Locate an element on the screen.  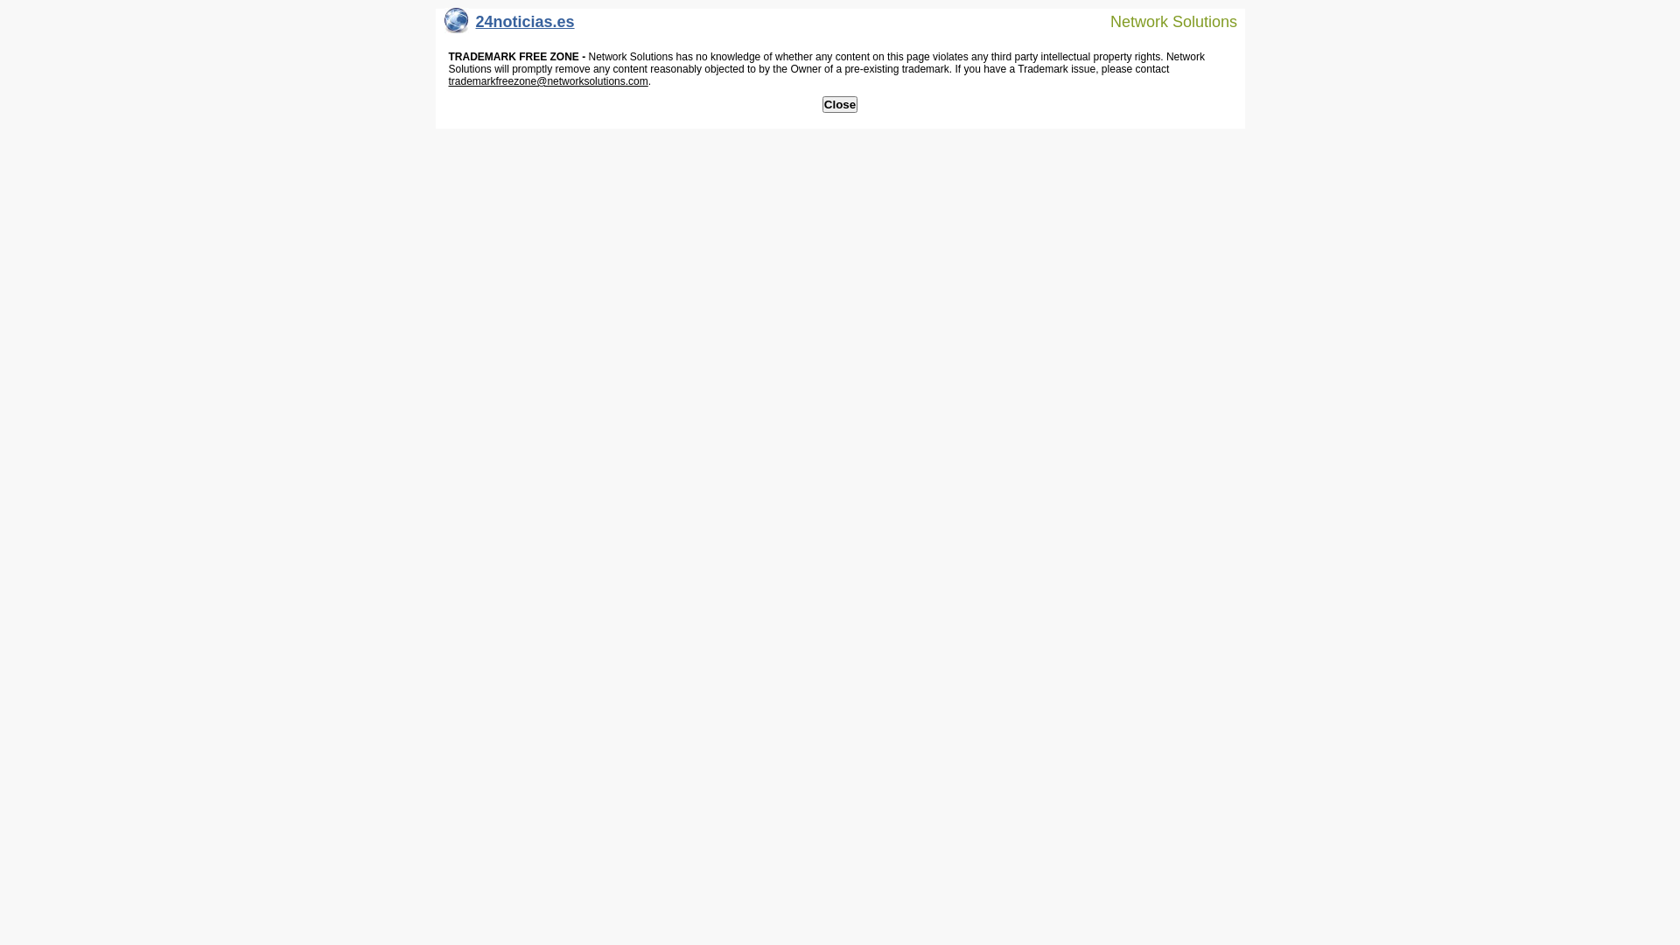
'24noticias.es' is located at coordinates (508, 25).